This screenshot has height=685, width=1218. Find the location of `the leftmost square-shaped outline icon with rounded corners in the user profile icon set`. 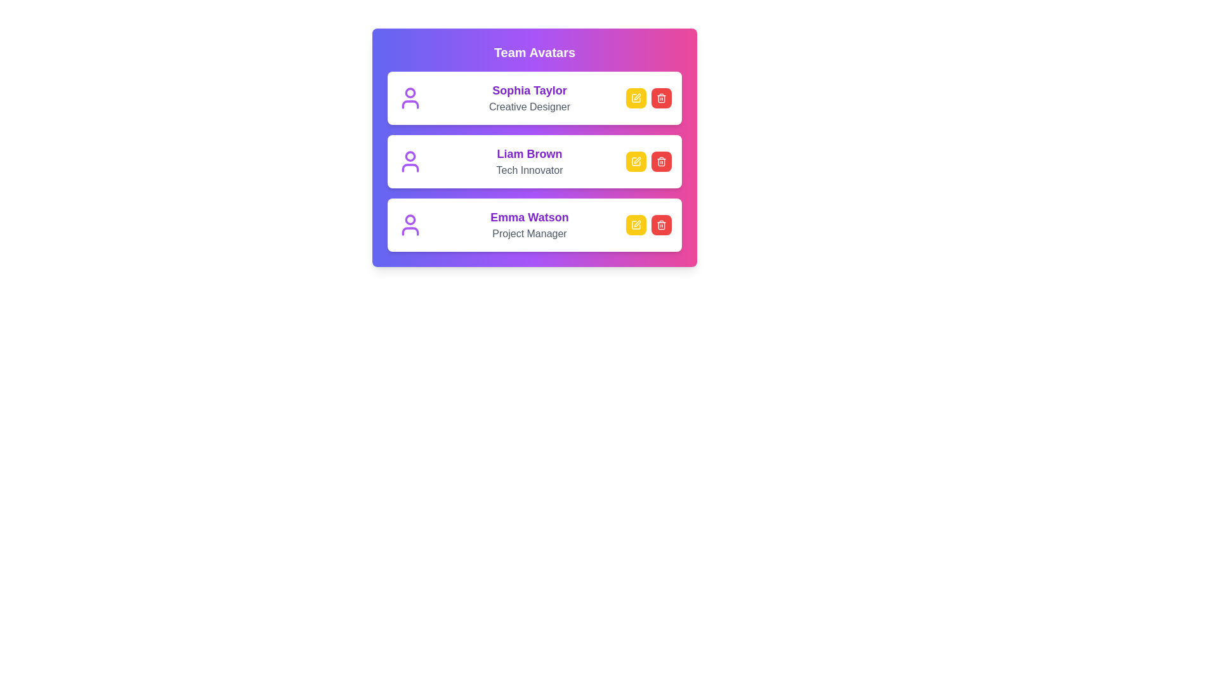

the leftmost square-shaped outline icon with rounded corners in the user profile icon set is located at coordinates (636, 224).